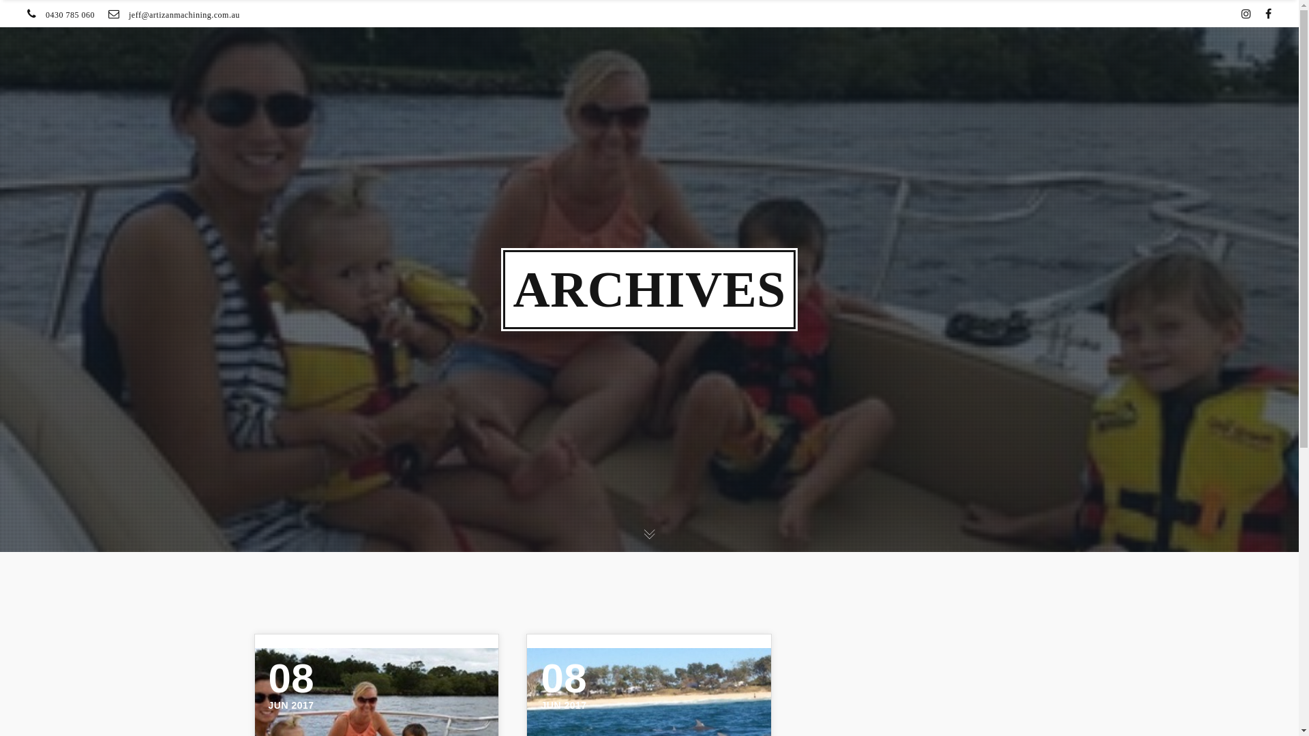  Describe the element at coordinates (183, 15) in the screenshot. I see `'jeff@artizanmachining.com.au'` at that location.